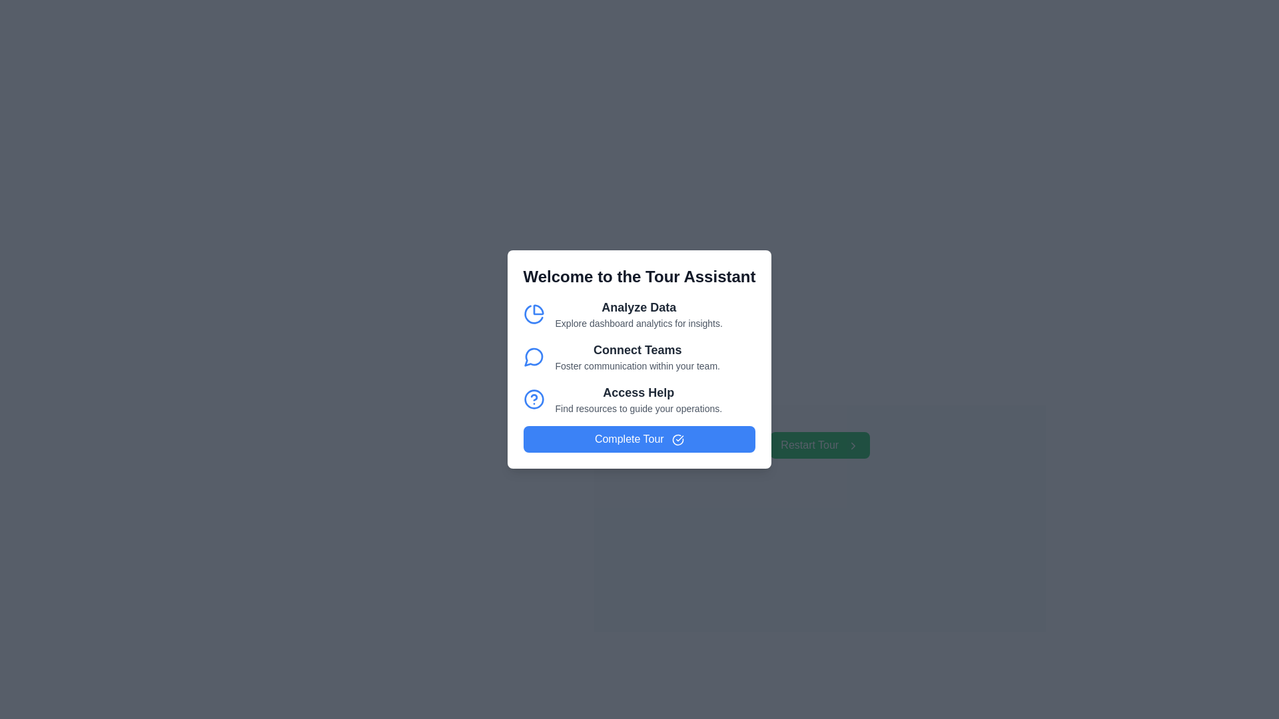 This screenshot has height=719, width=1279. I want to click on the green 'Restart Tour' button located in the lower-right section of the modal, so click(819, 510).